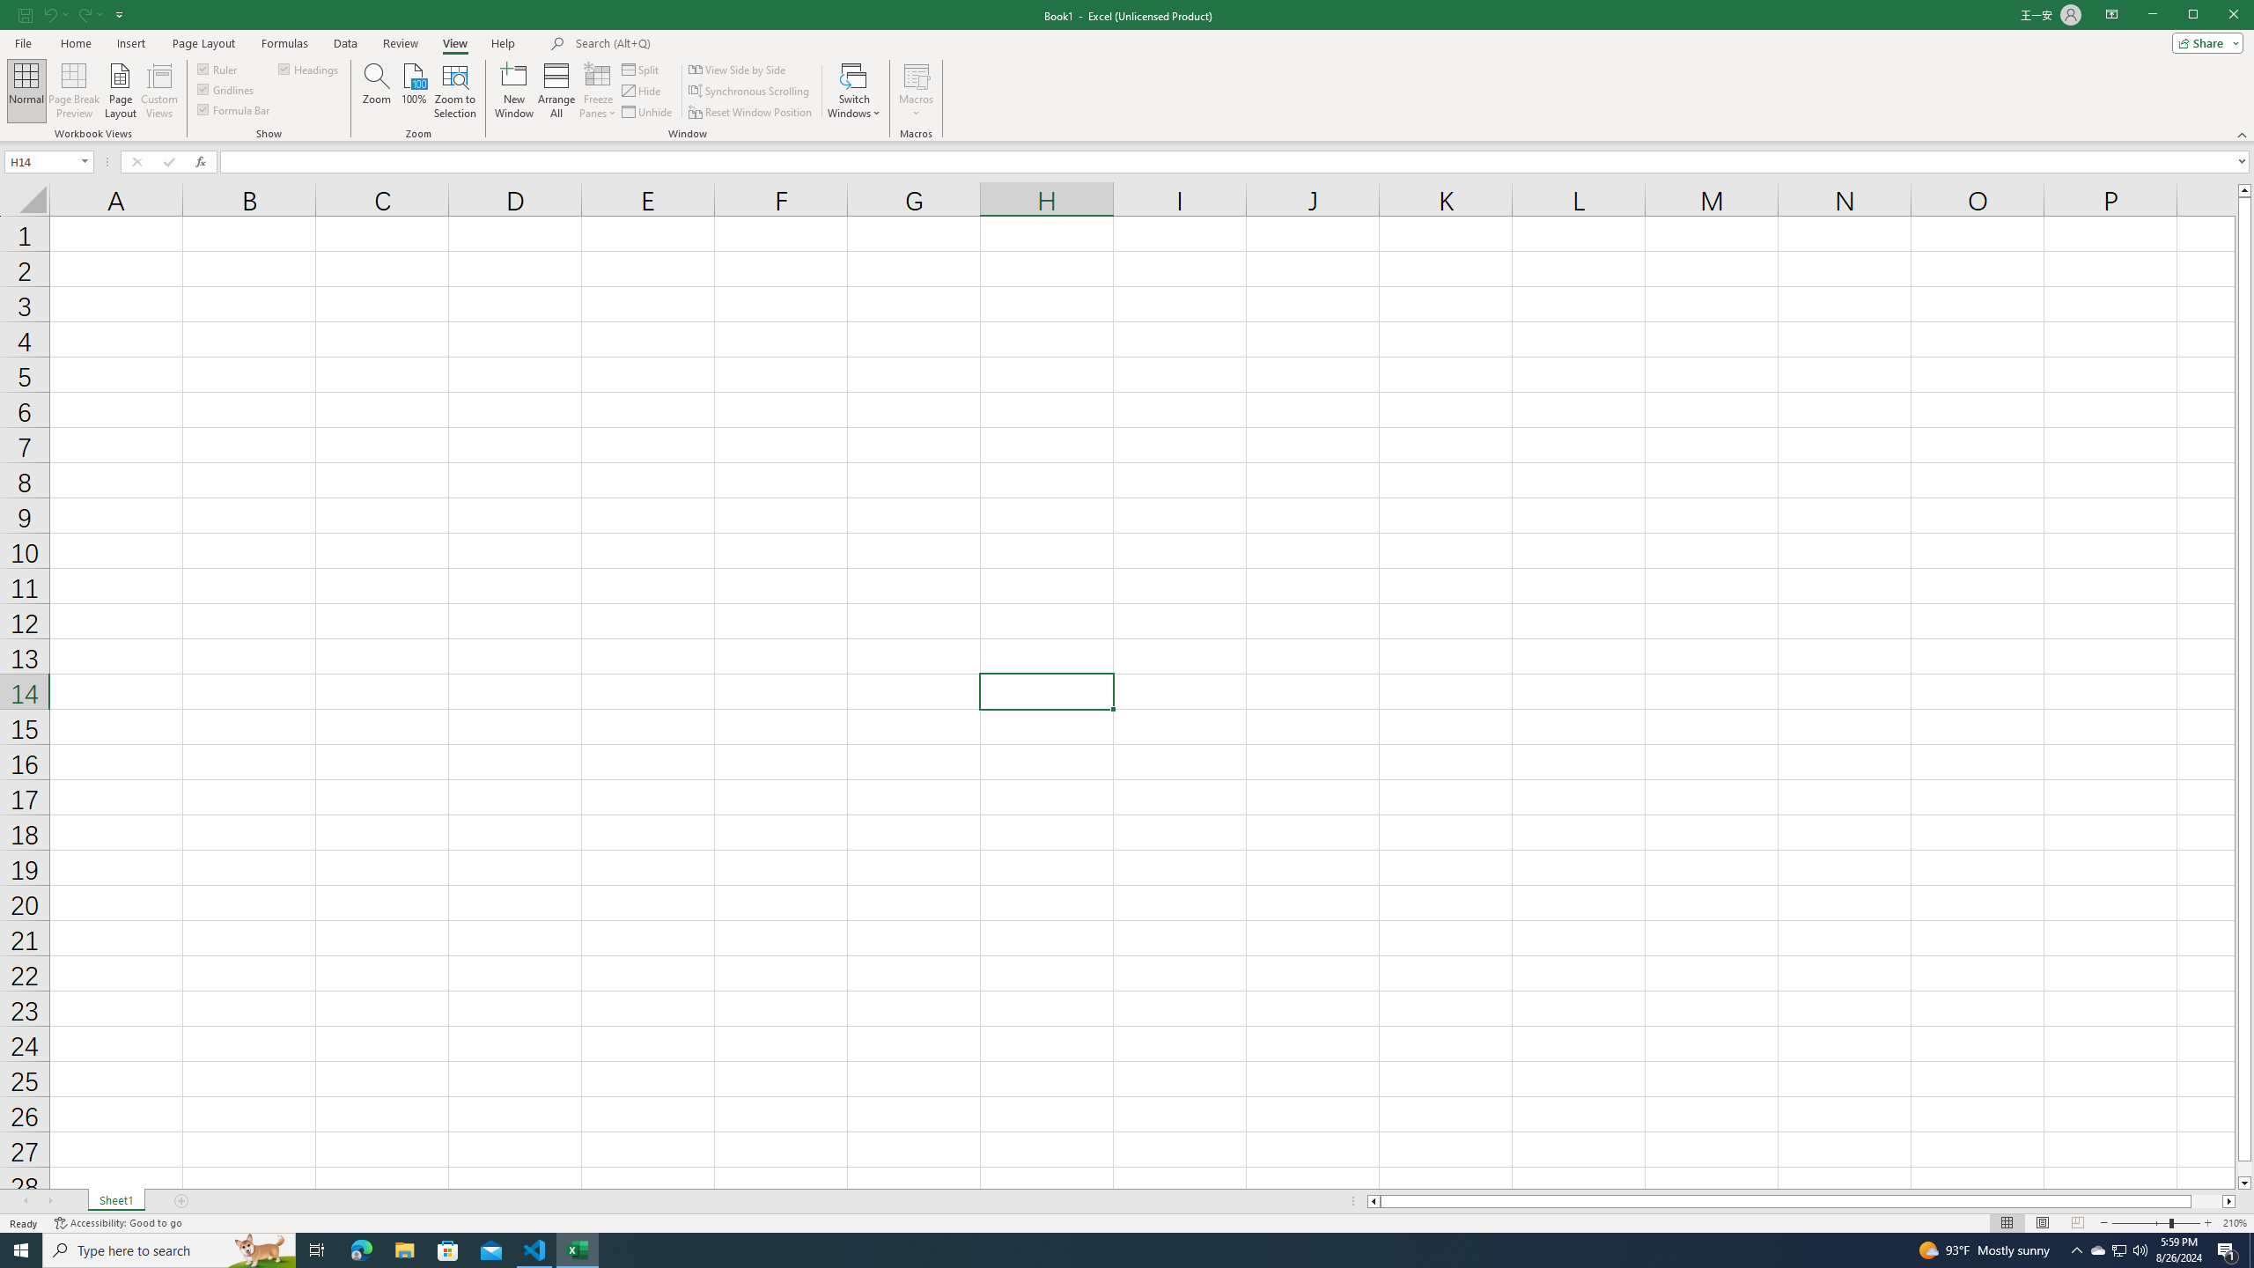 The image size is (2254, 1268). What do you see at coordinates (915, 74) in the screenshot?
I see `'View Macros'` at bounding box center [915, 74].